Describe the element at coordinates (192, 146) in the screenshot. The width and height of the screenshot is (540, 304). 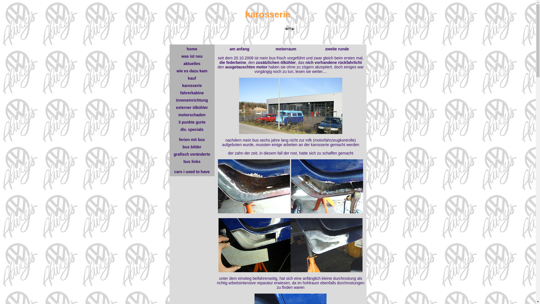
I see `'bus bilder'` at that location.